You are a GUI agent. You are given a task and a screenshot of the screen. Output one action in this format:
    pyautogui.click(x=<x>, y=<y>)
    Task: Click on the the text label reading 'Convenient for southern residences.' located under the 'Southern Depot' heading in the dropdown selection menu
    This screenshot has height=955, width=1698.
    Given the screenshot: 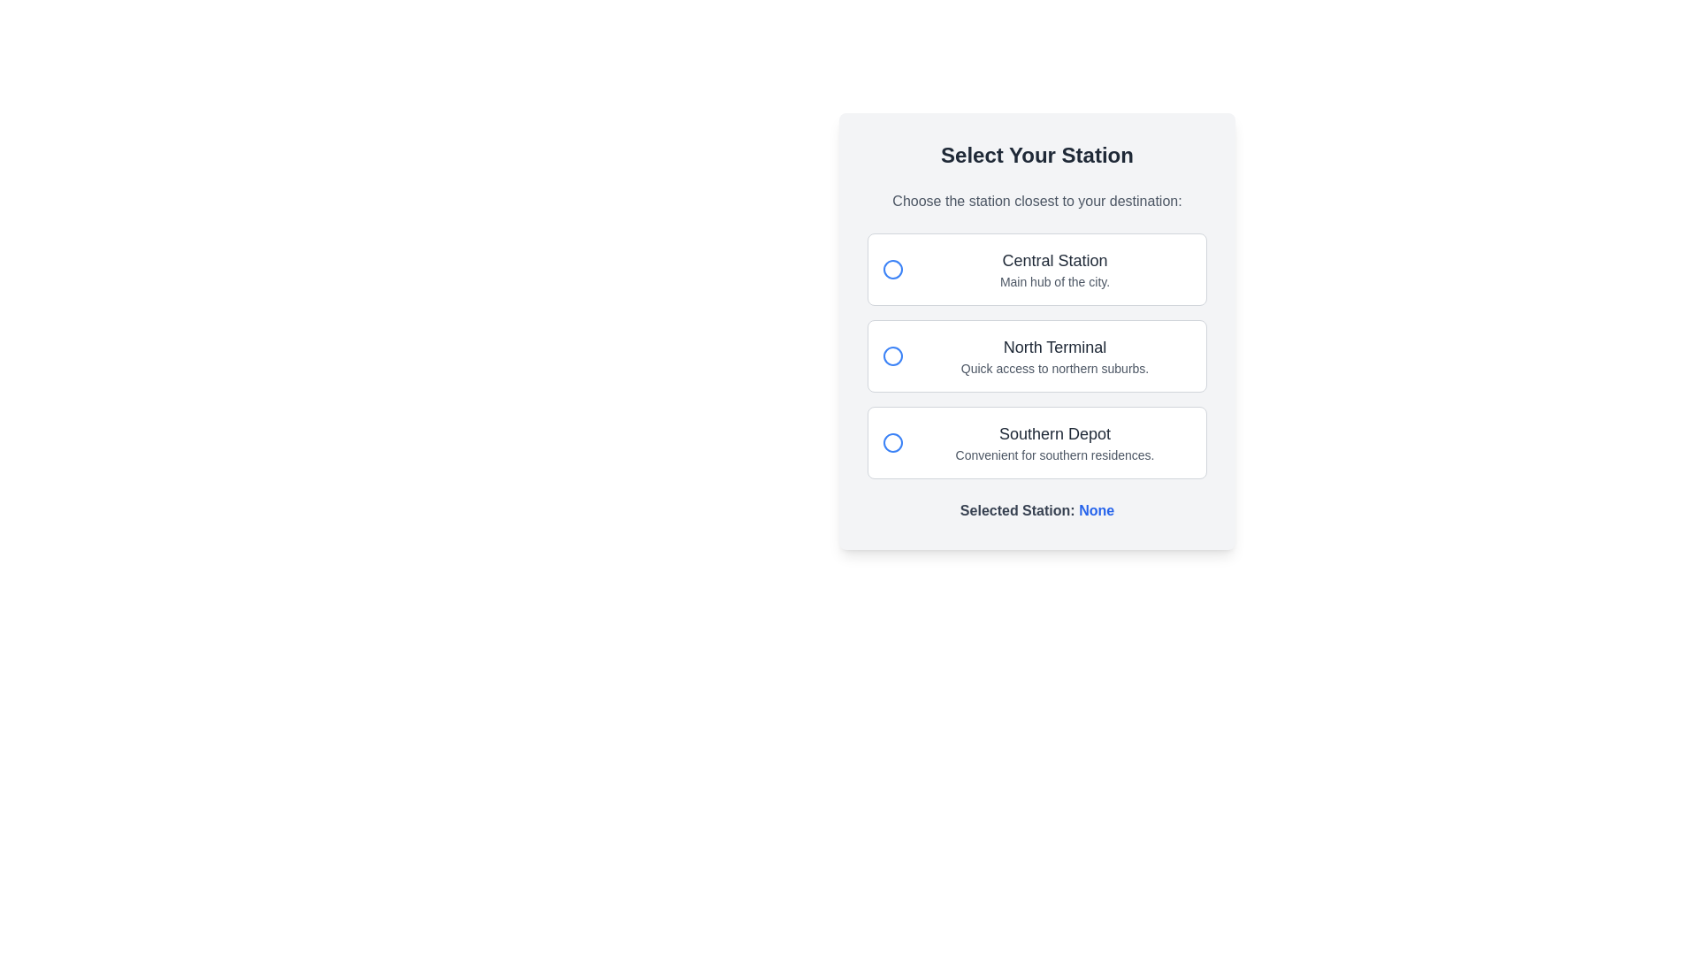 What is the action you would take?
    pyautogui.click(x=1055, y=455)
    